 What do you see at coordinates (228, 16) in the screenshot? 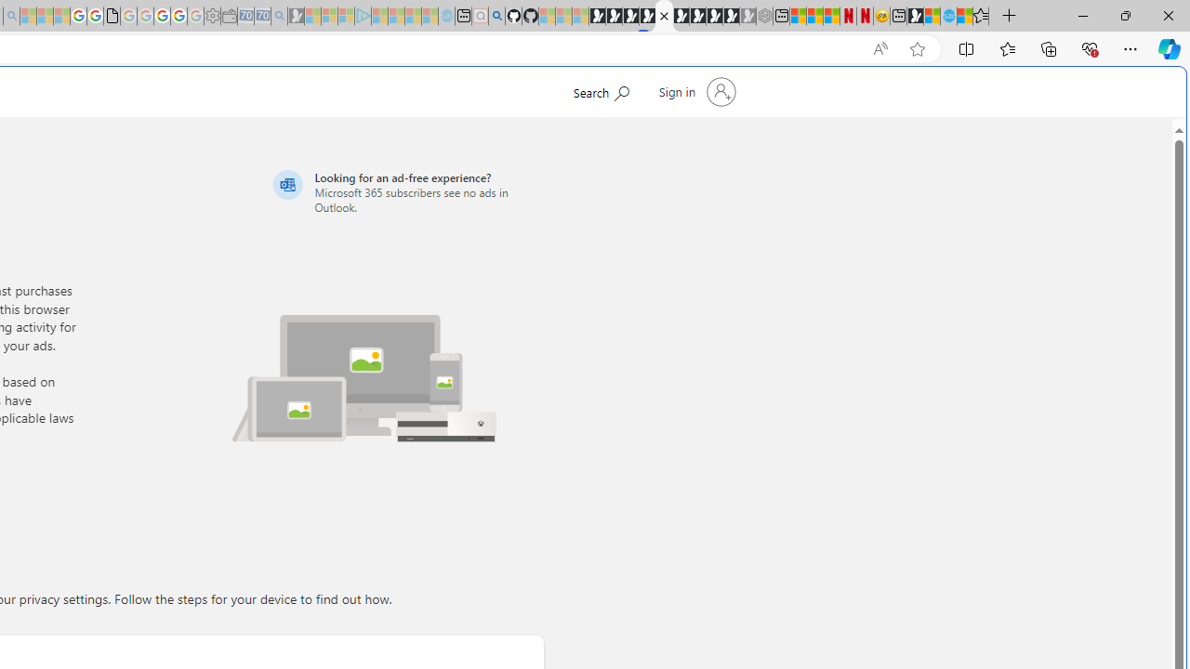
I see `'Wallet - Sleeping'` at bounding box center [228, 16].